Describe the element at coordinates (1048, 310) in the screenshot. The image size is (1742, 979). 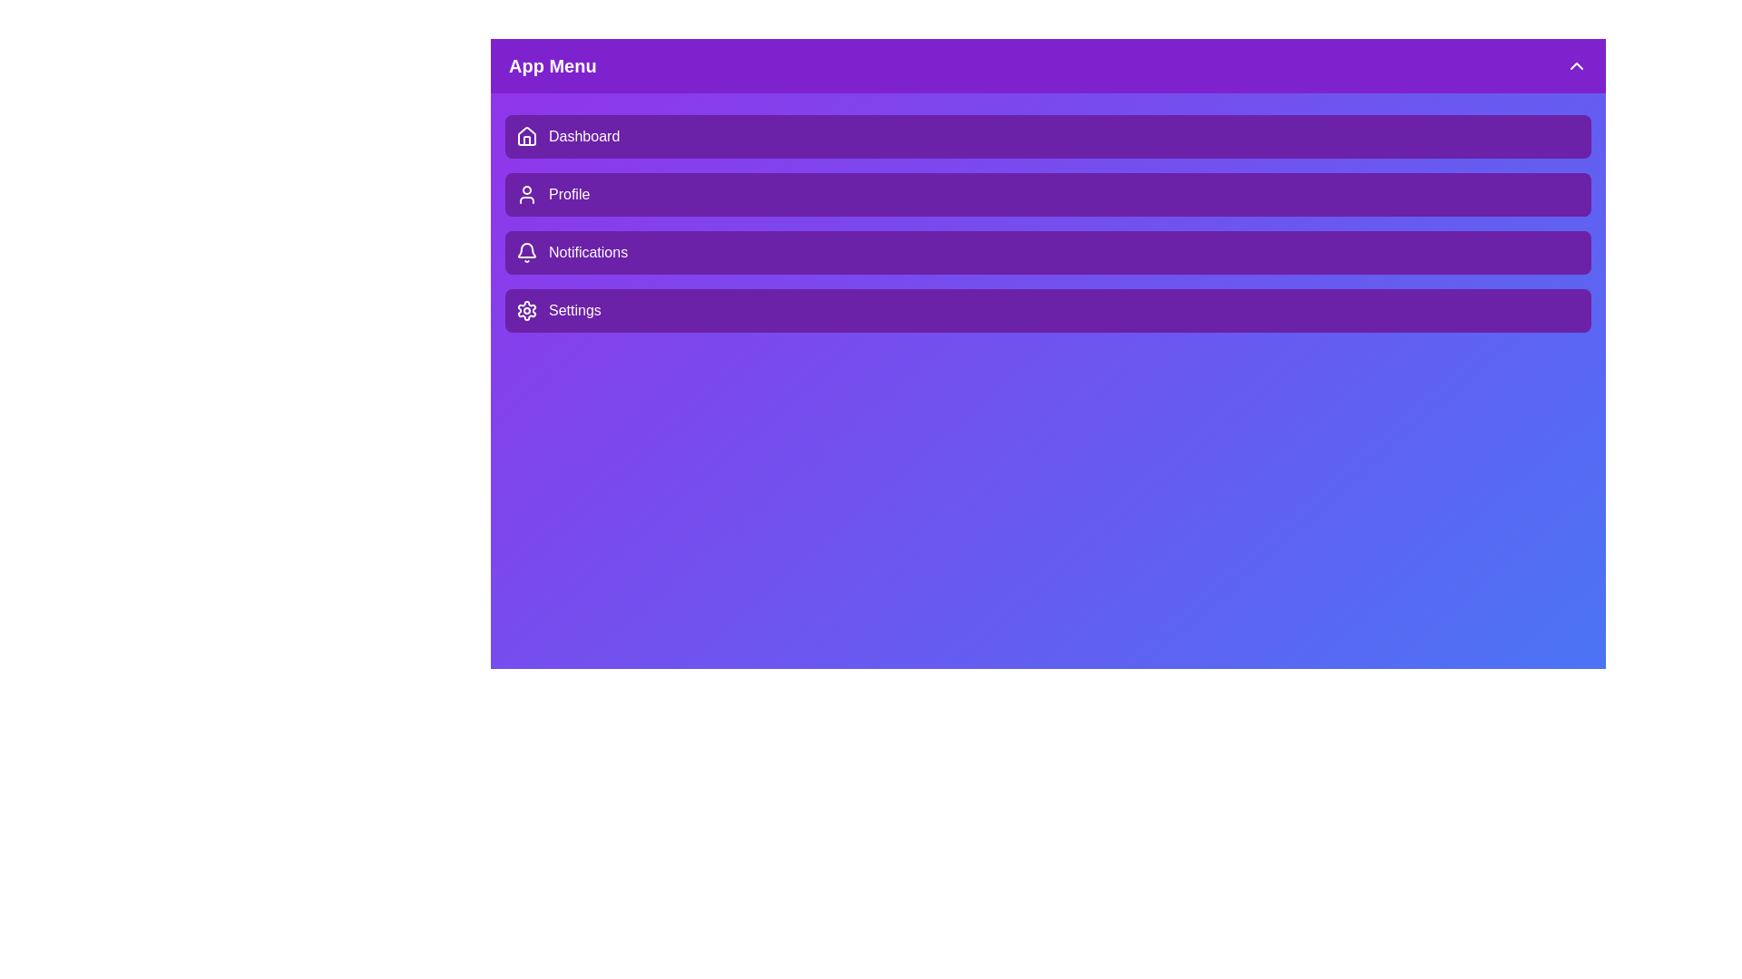
I see `the menu item Settings to observe hover effects` at that location.